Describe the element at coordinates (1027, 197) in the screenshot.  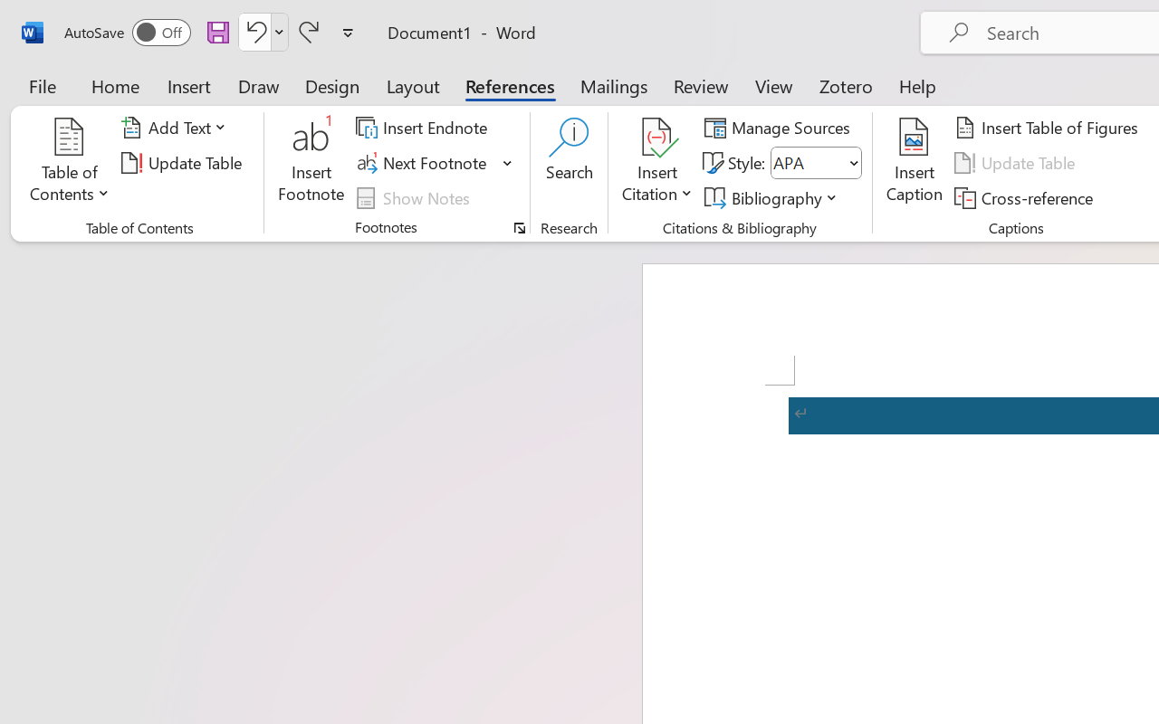
I see `'Cross-reference...'` at that location.